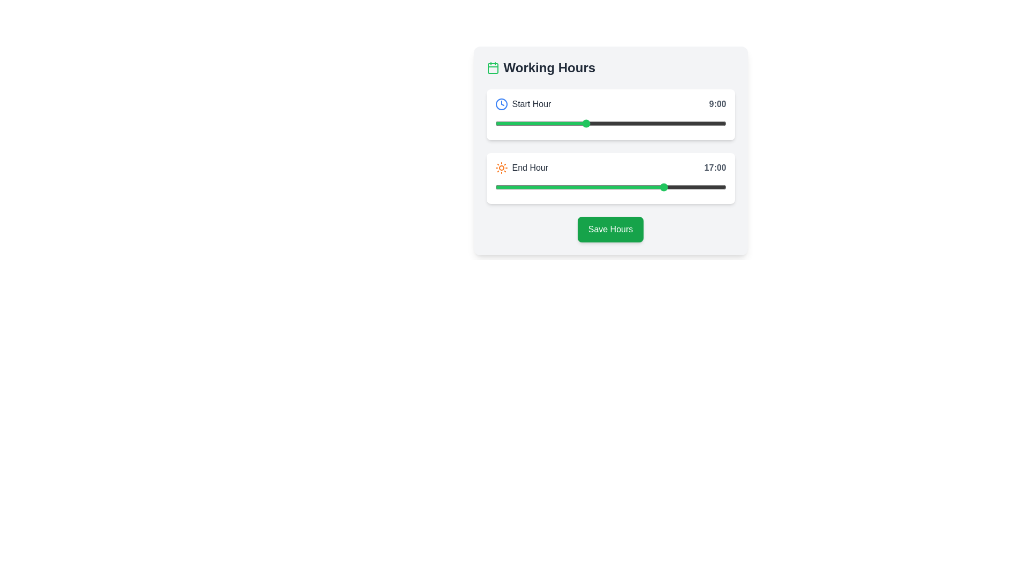  Describe the element at coordinates (686, 187) in the screenshot. I see `the end hour` at that location.